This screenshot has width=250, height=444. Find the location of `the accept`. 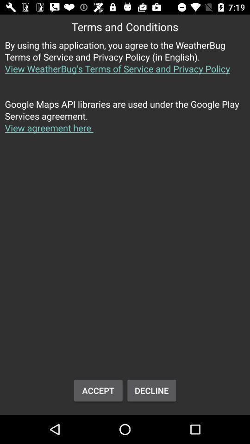

the accept is located at coordinates (98, 390).